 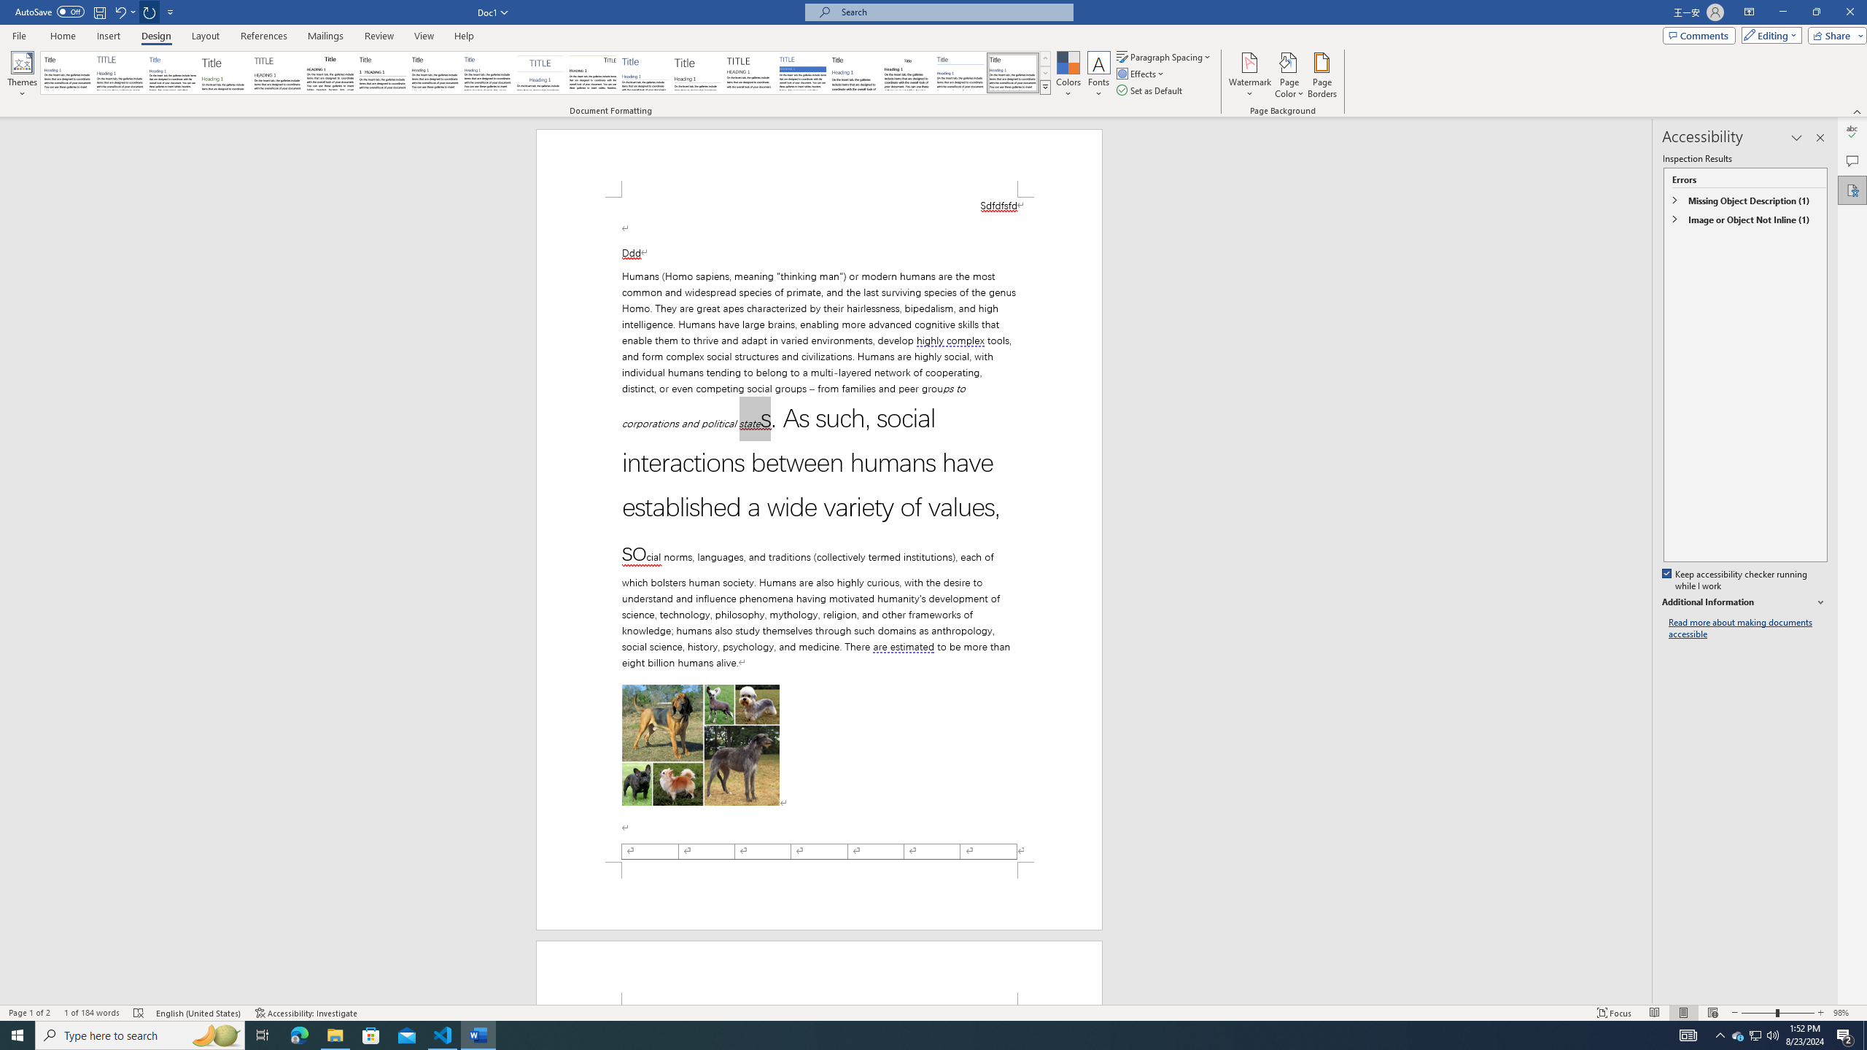 I want to click on 'Page Number Page 1 of 2', so click(x=29, y=1013).